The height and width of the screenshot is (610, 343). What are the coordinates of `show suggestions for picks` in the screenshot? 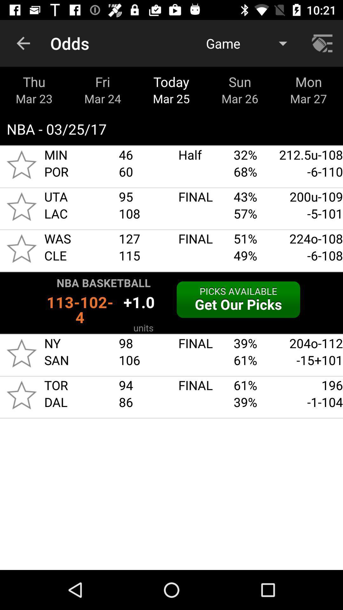 It's located at (171, 302).